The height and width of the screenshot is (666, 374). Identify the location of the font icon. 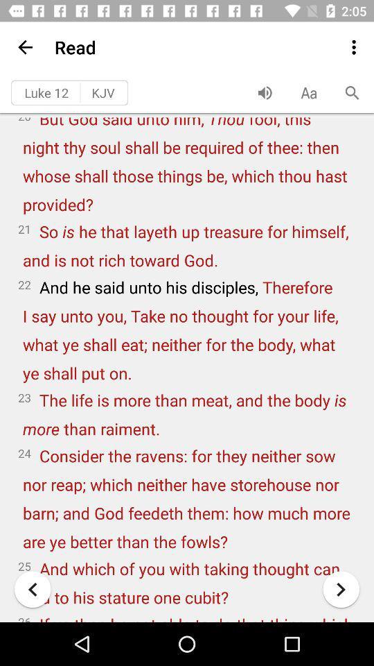
(308, 92).